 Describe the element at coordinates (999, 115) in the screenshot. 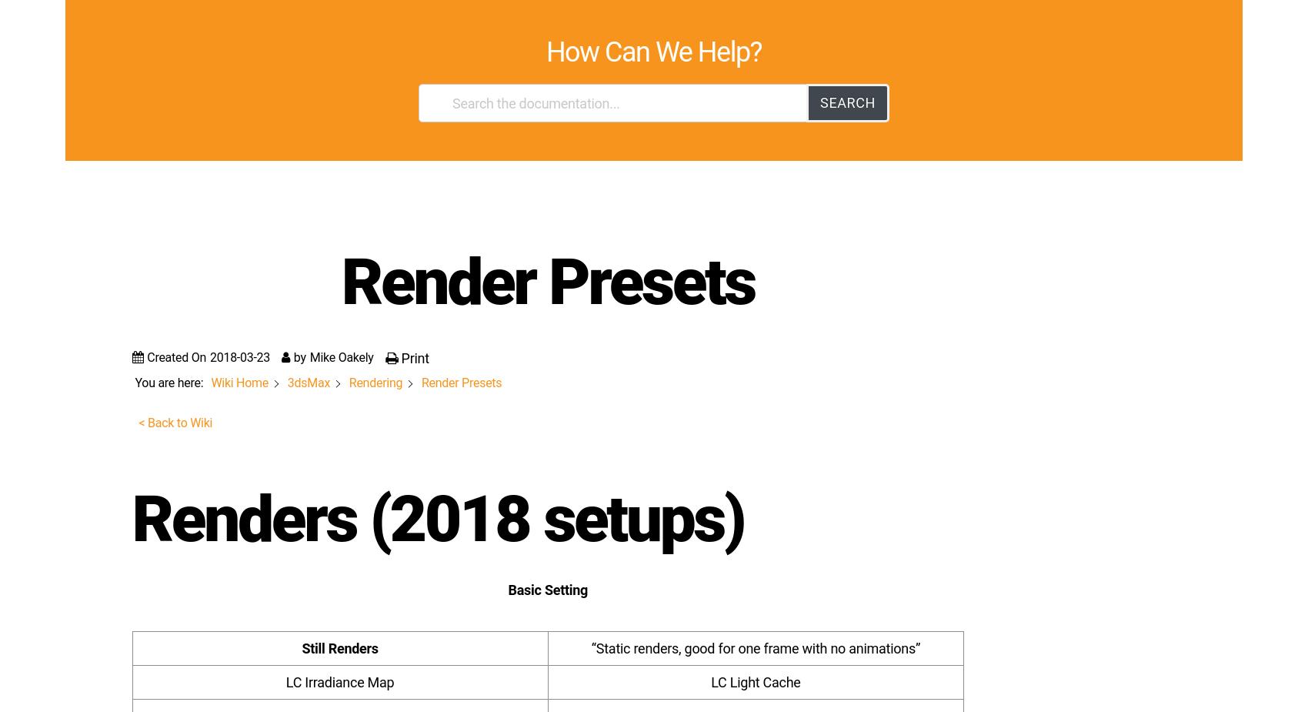

I see `'Renders (2018 setups)'` at that location.